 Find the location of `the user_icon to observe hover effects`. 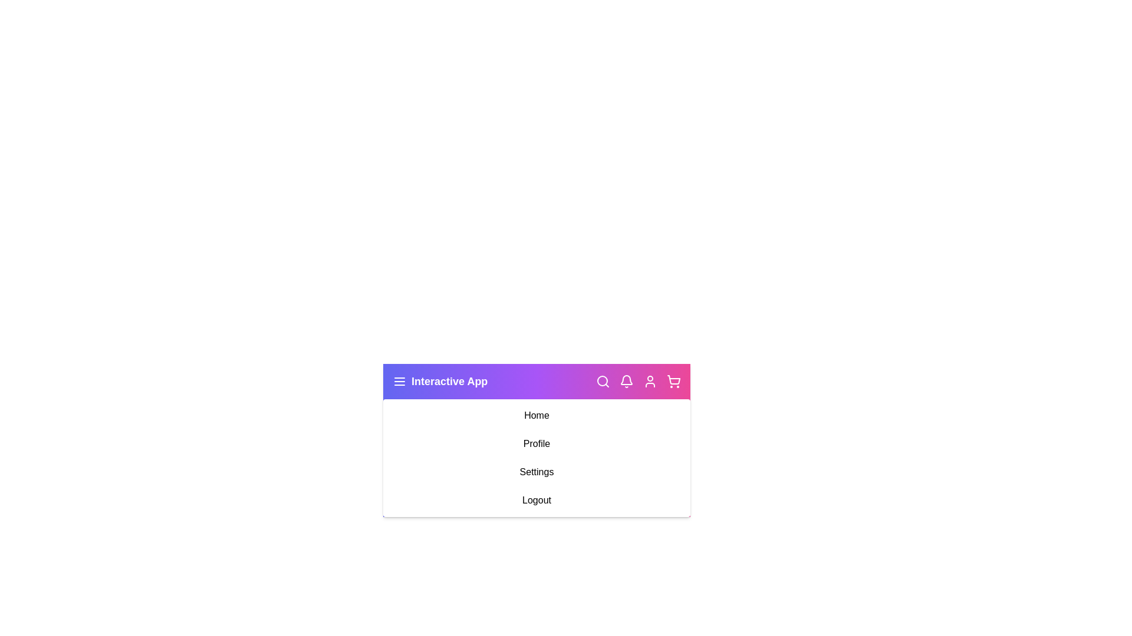

the user_icon to observe hover effects is located at coordinates (650, 382).